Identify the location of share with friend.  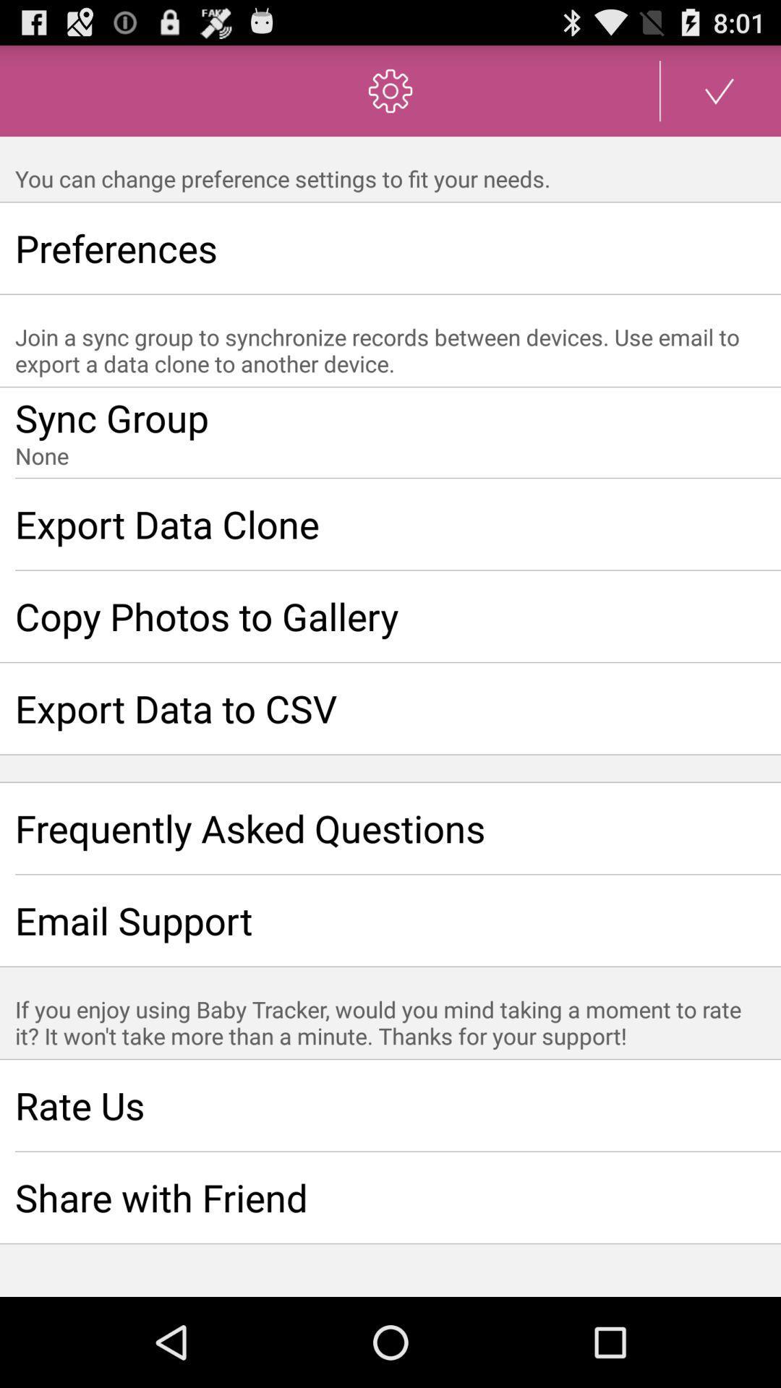
(390, 1197).